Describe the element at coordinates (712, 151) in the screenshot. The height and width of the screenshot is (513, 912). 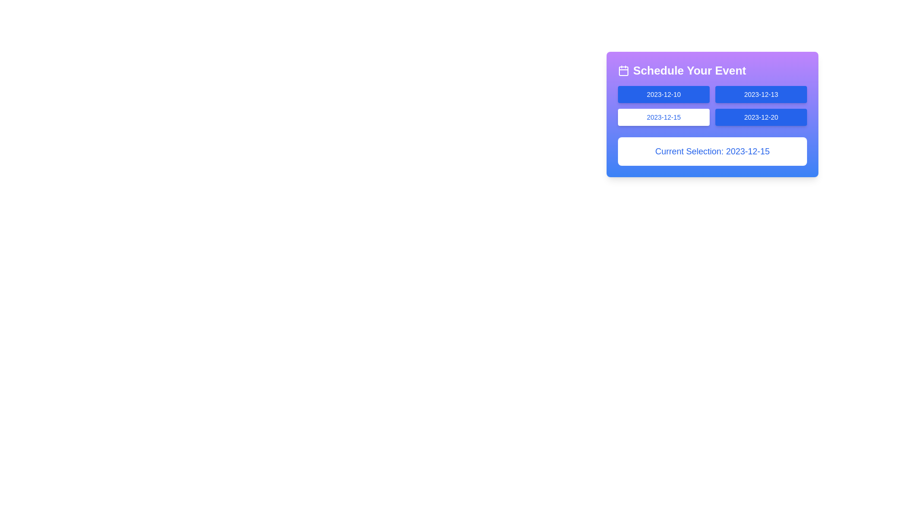
I see `the text label displaying 'Current Selection: 2023-12-15', which is styled in a larger blue font and located near the lower section of the card component labeled 'Schedule Your Event'` at that location.